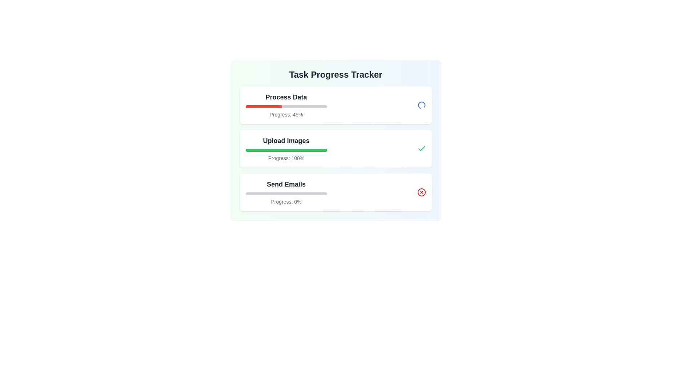 This screenshot has height=392, width=698. Describe the element at coordinates (421, 148) in the screenshot. I see `the green checkmark icon located in the right corner of the 'Upload Images' status card, which indicates a completion status of 100%` at that location.